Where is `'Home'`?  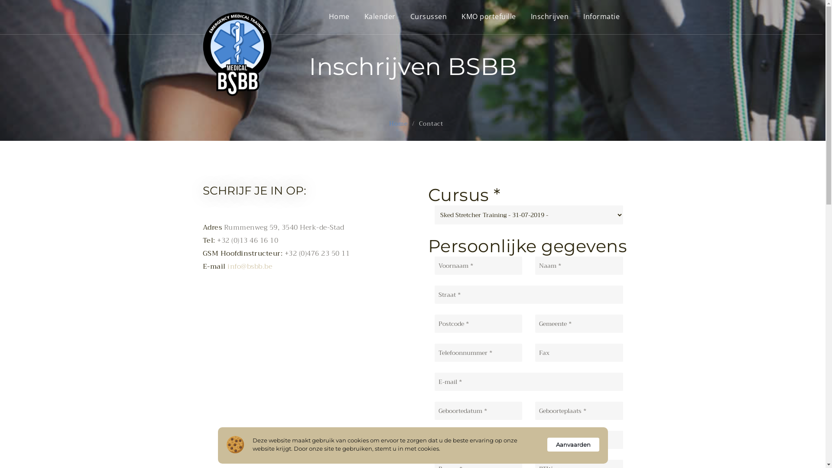
'Home' is located at coordinates (398, 123).